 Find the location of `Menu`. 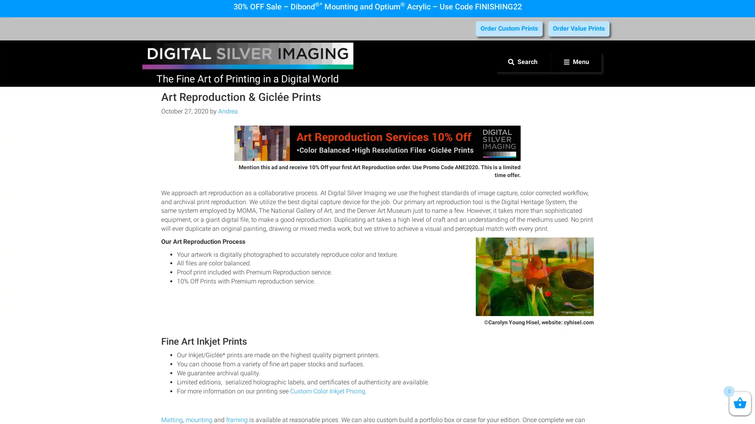

Menu is located at coordinates (576, 61).